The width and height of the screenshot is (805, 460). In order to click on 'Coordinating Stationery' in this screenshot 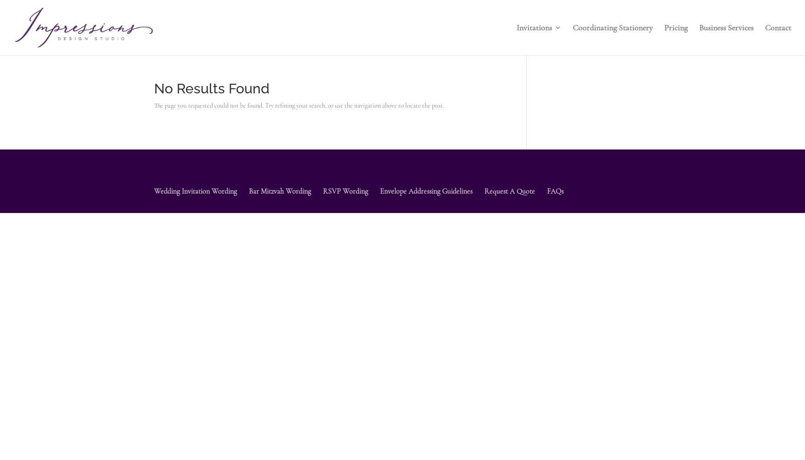, I will do `click(572, 28)`.